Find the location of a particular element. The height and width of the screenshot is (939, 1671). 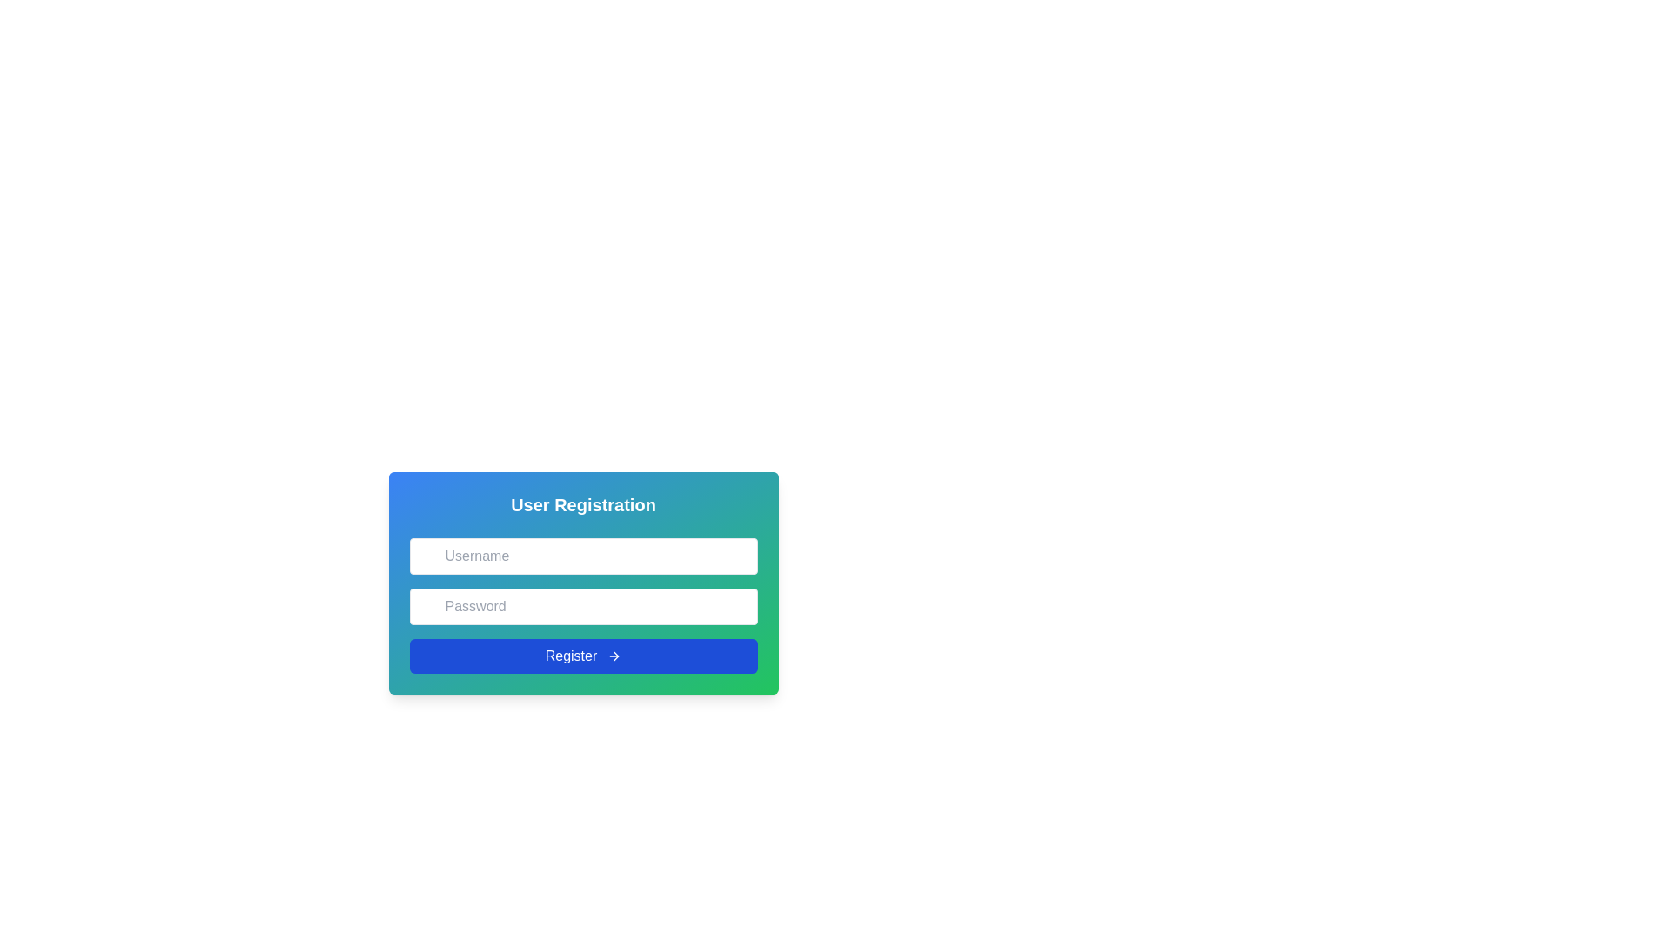

the right-arrow icon located at the far right end of the blue 'Register' button within the green-to-blue gradient panel labeled 'User Registration' is located at coordinates (614, 656).